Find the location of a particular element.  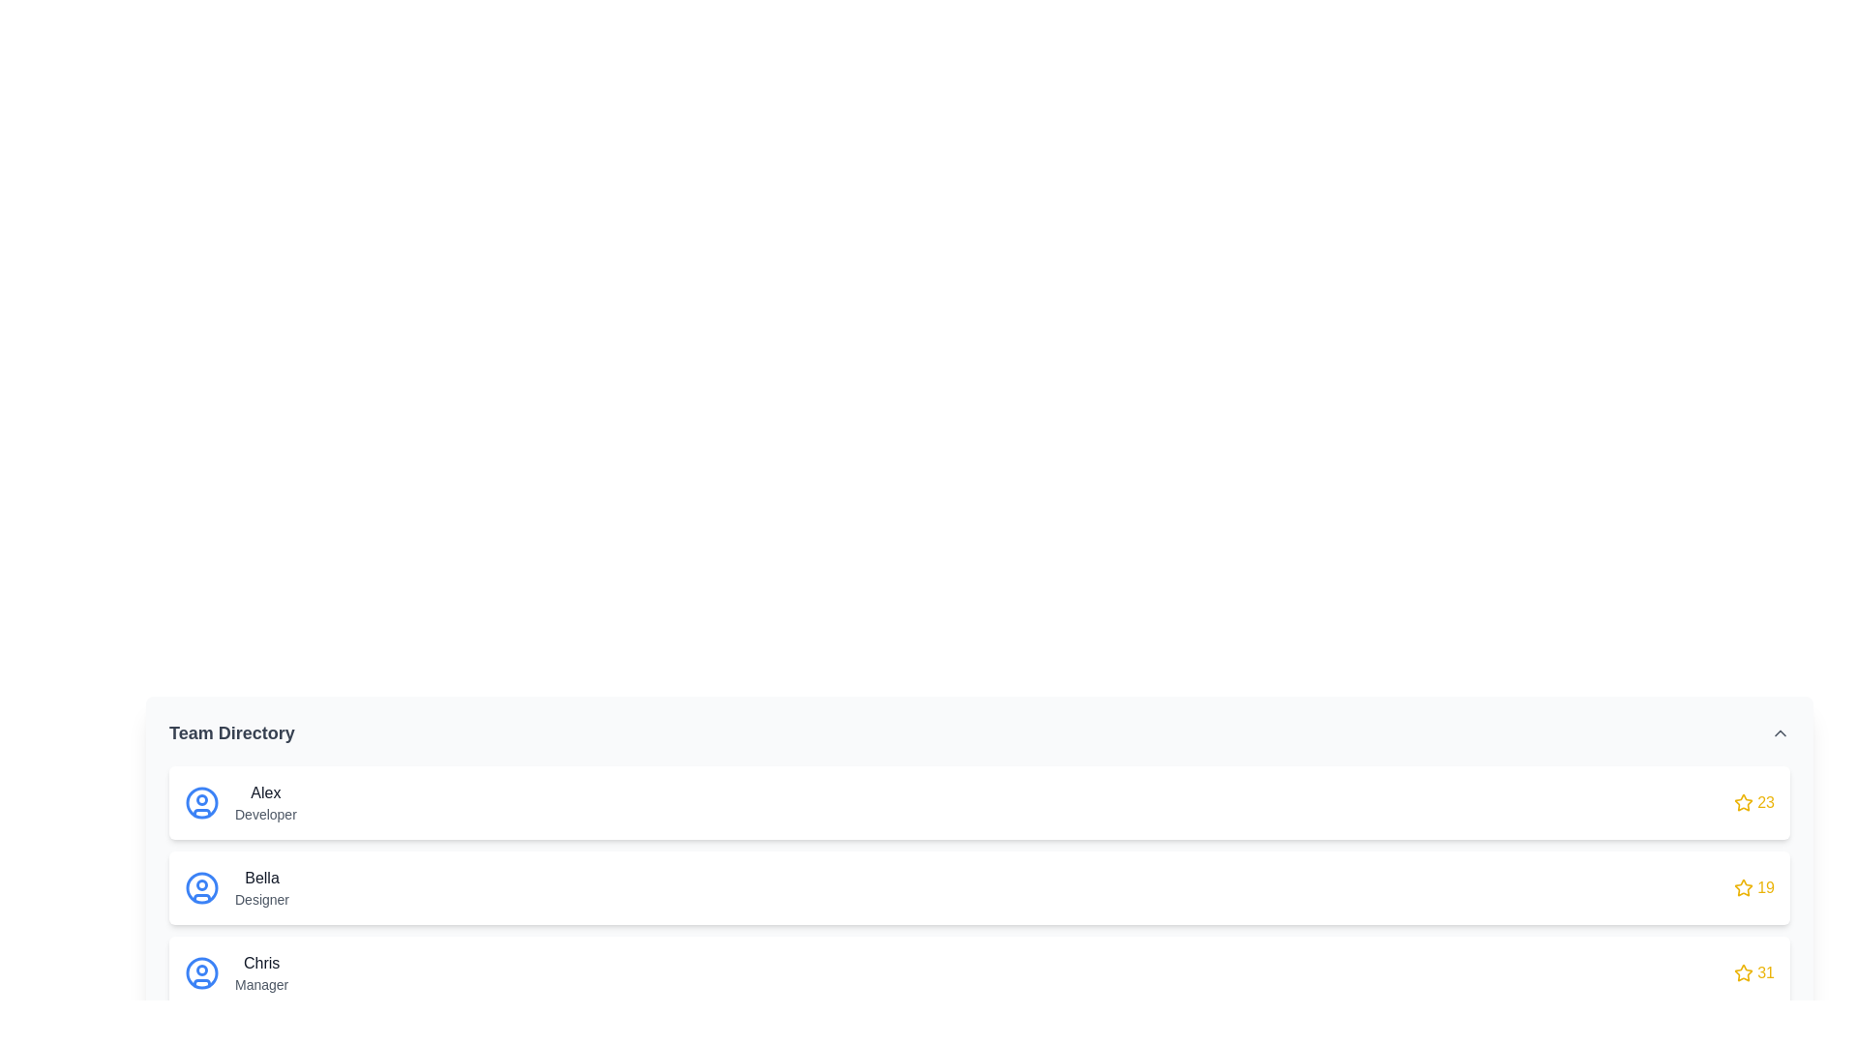

the star icon that represents a rating or importance level associated with the text '19', located in the right section of the second row is located at coordinates (1744, 888).